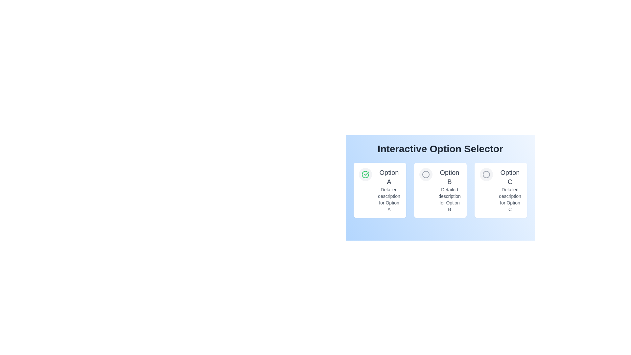 The image size is (631, 355). I want to click on the Text Label displaying 'Option A,' which is styled with a larger font size and bold weight, located above the sibling text in the leftmost column of a horizontal selection group, so click(389, 177).